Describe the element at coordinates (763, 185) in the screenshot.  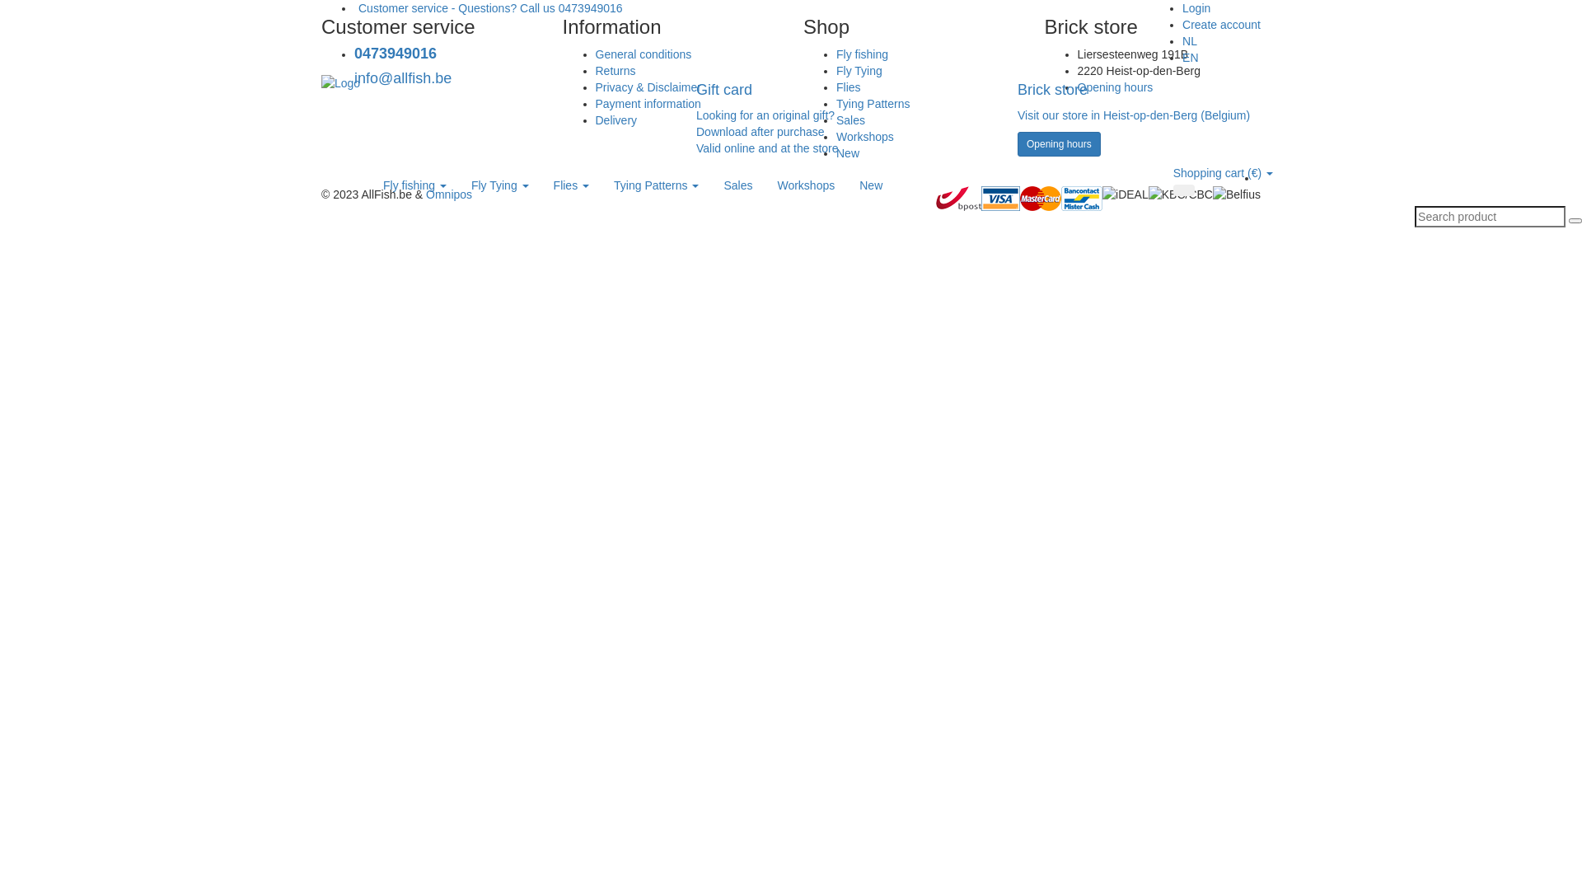
I see `'Workshops'` at that location.